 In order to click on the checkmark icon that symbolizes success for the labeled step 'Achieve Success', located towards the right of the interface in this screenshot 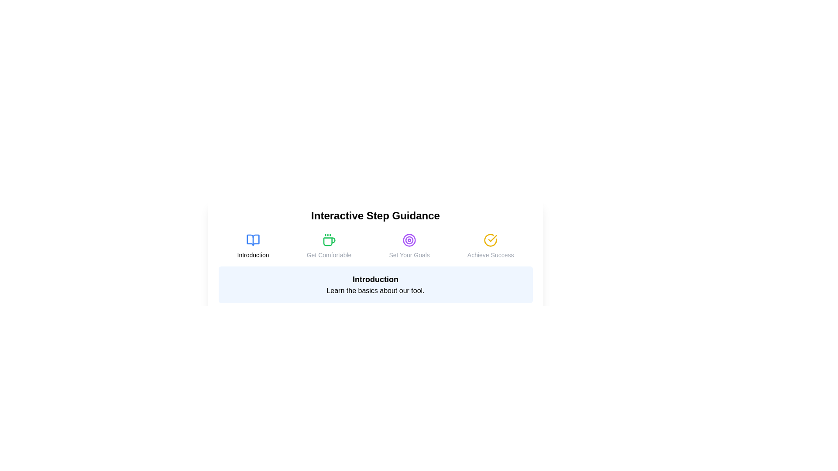, I will do `click(492, 239)`.